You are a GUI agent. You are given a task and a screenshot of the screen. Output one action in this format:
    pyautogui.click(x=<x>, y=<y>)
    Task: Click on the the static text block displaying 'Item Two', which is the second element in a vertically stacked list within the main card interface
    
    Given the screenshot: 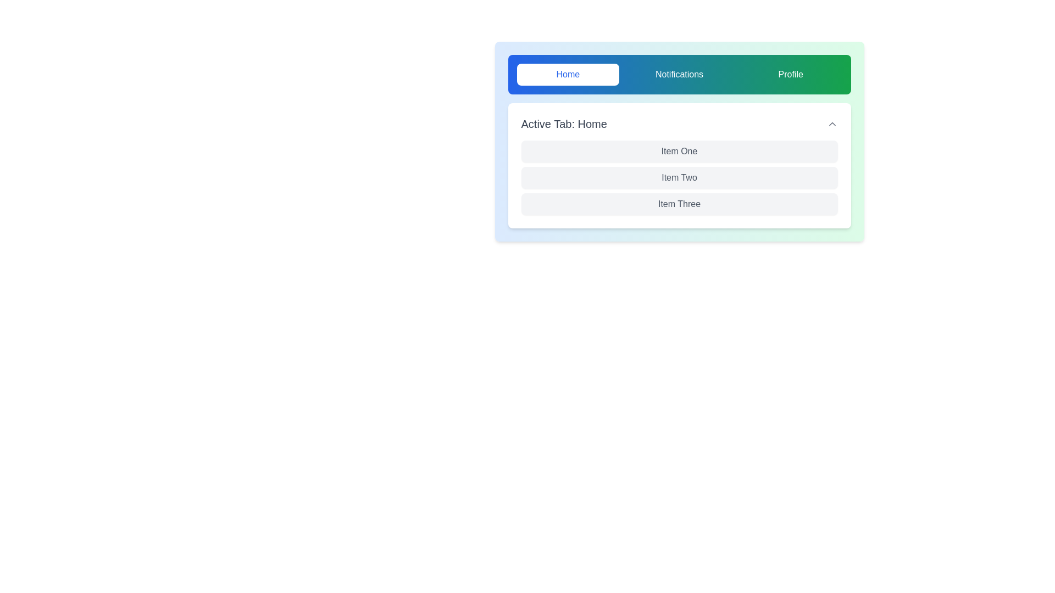 What is the action you would take?
    pyautogui.click(x=679, y=177)
    